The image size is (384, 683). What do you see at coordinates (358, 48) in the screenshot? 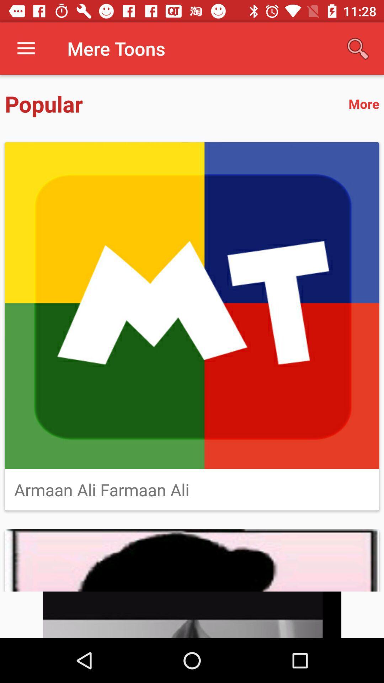
I see `the icon above more` at bounding box center [358, 48].